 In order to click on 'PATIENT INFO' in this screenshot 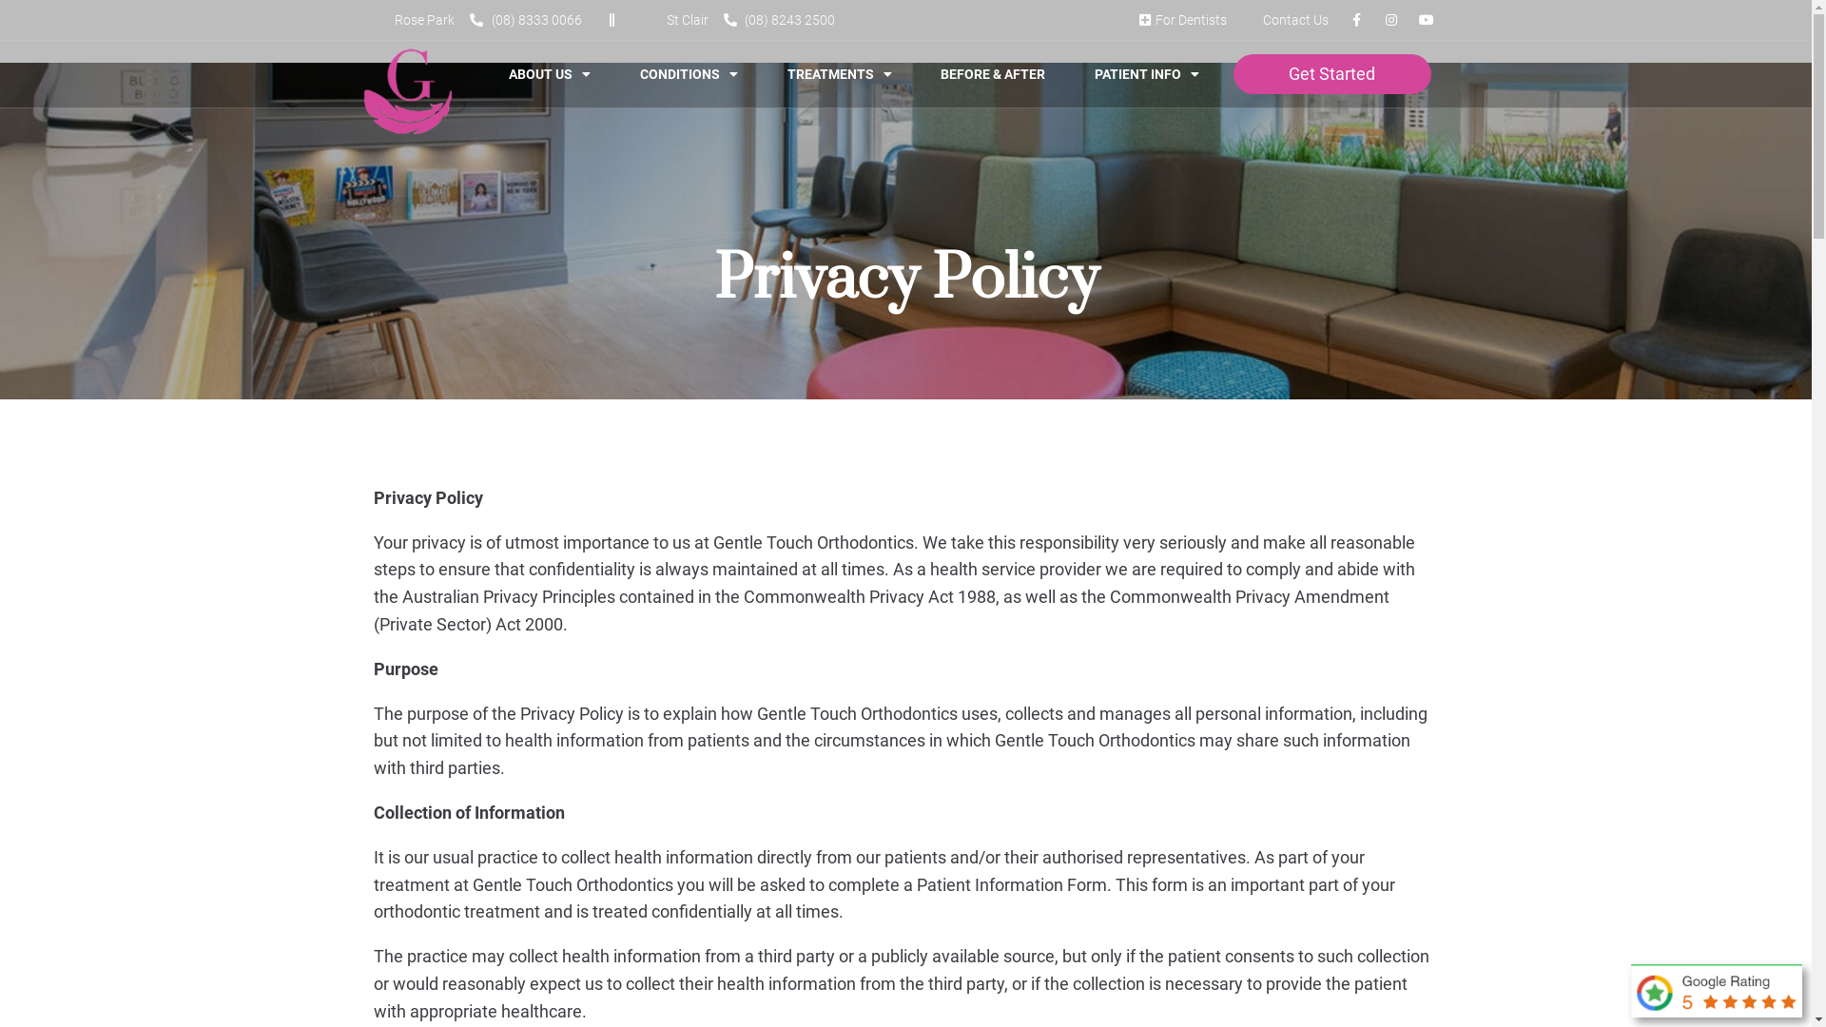, I will do `click(1078, 72)`.